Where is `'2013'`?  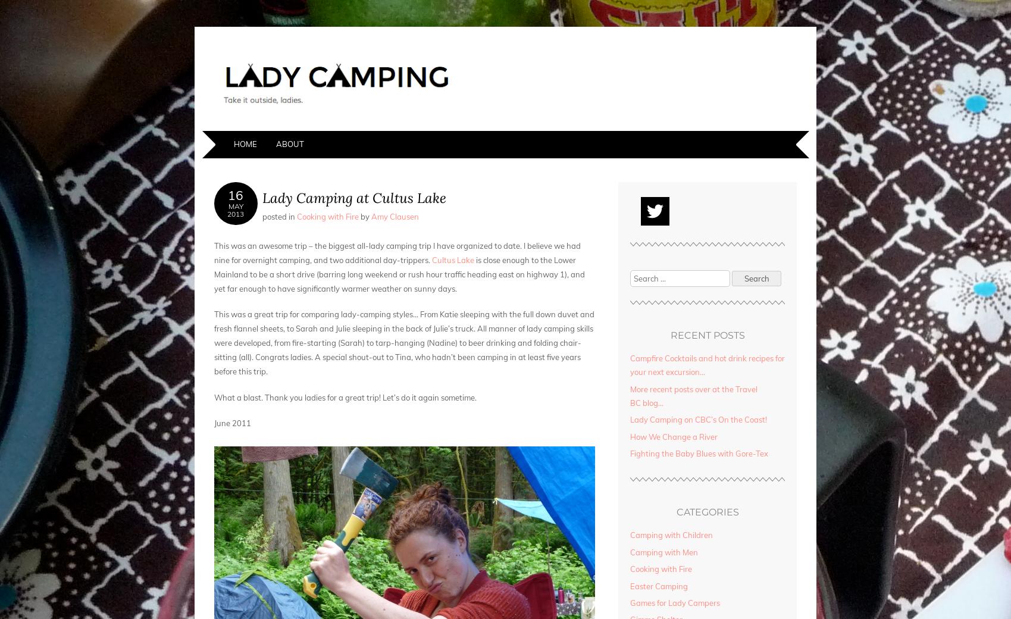
'2013' is located at coordinates (236, 213).